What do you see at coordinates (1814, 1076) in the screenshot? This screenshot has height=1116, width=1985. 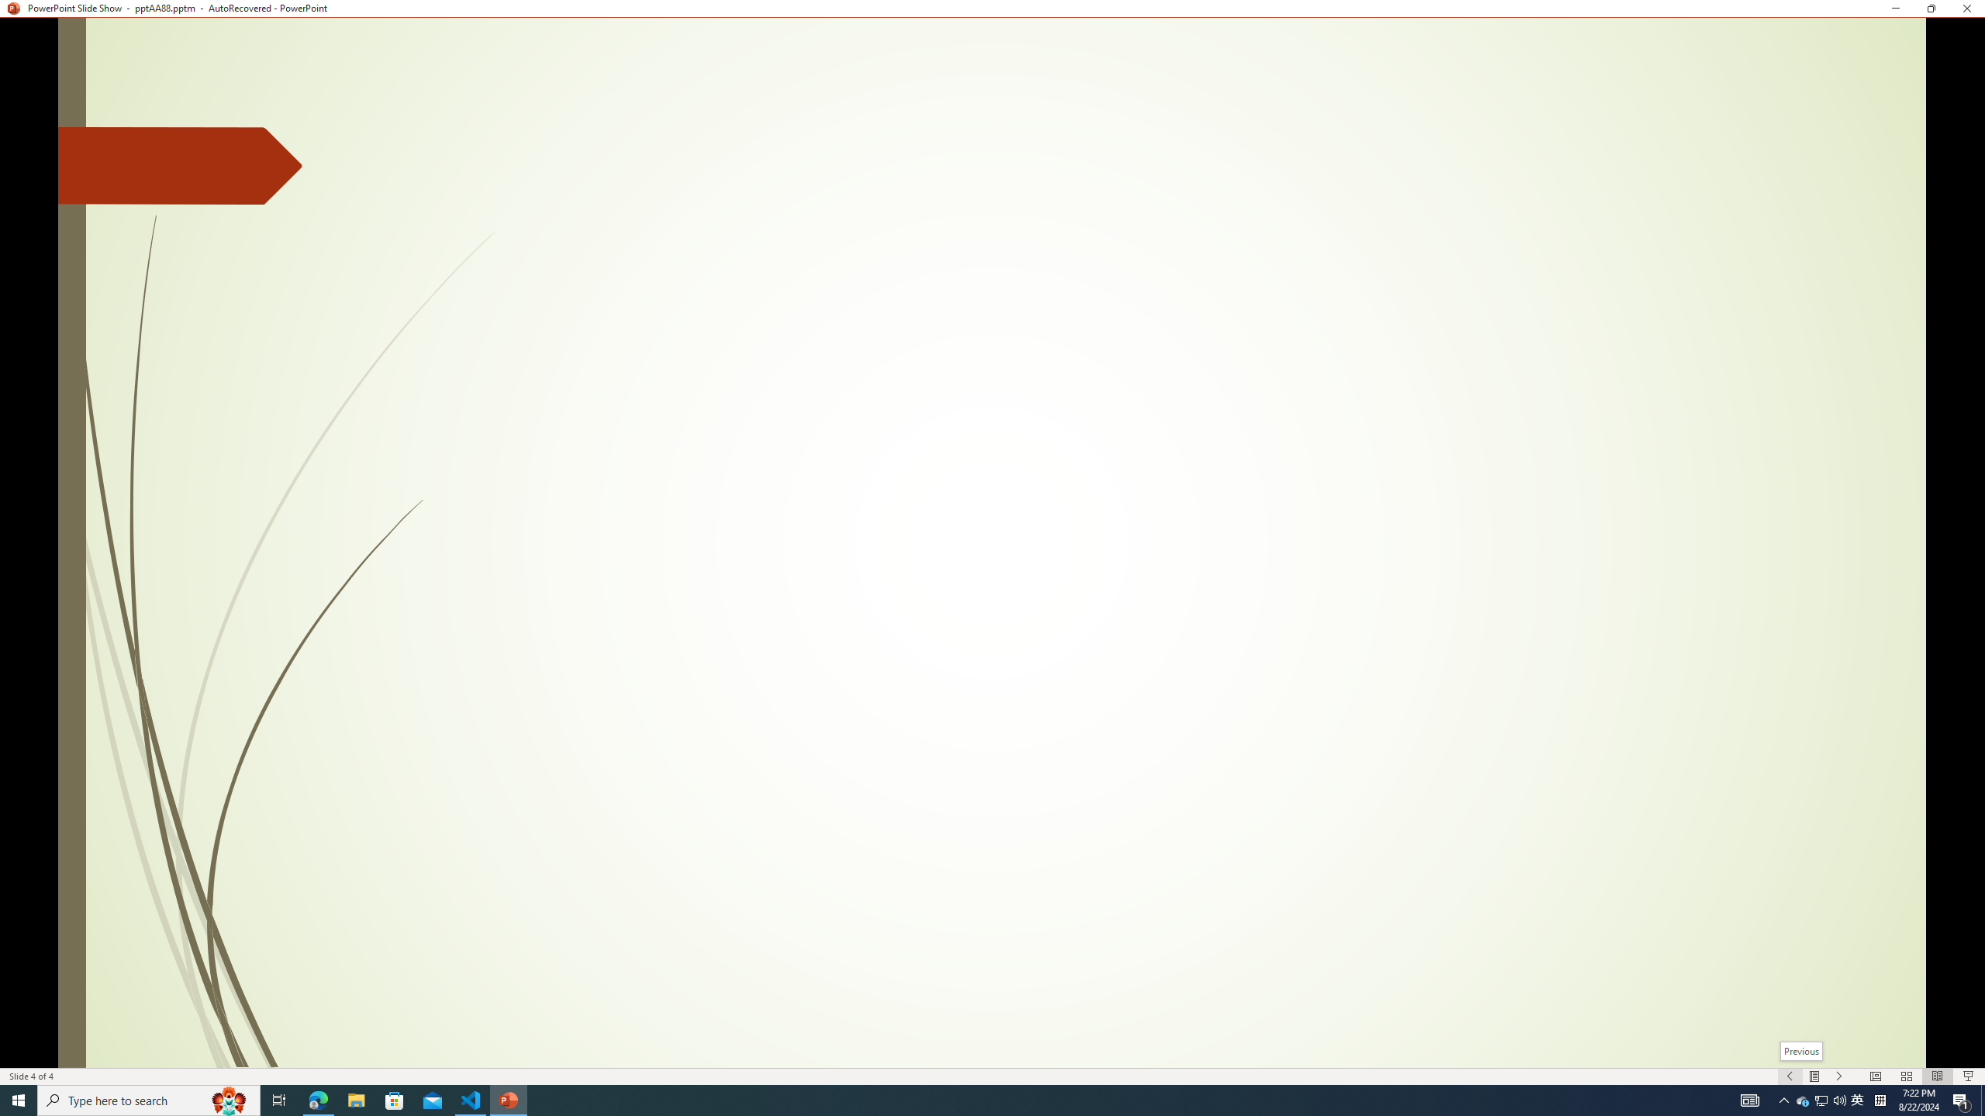 I see `'Menu On'` at bounding box center [1814, 1076].